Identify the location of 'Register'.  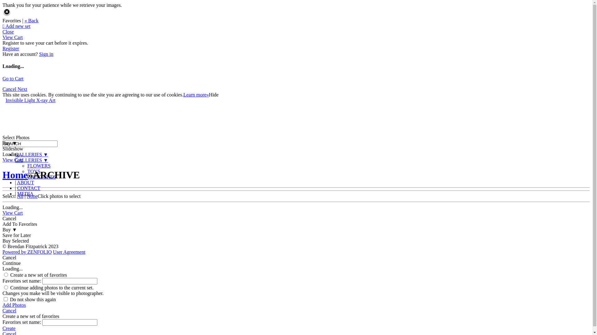
(11, 48).